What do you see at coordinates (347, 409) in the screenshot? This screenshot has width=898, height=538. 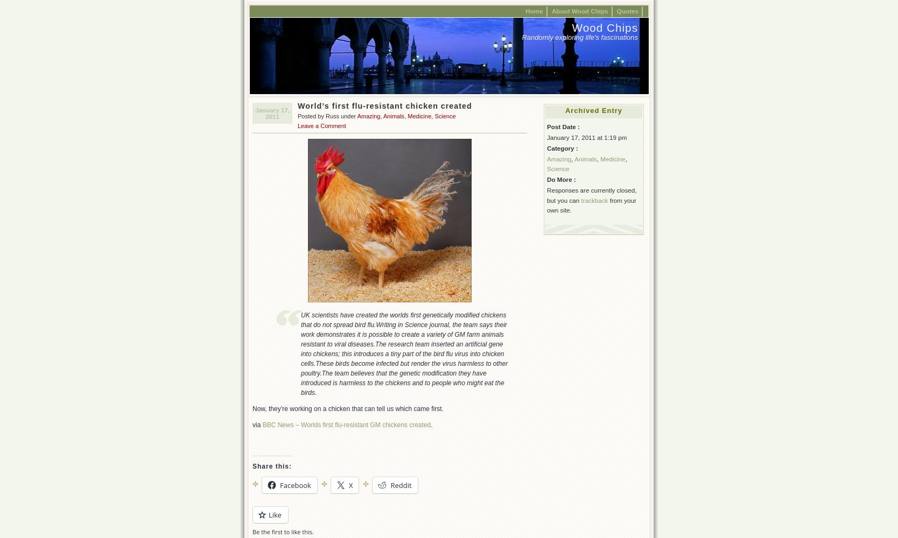 I see `'Now, they’re working on a chicken that can tell us which came first.'` at bounding box center [347, 409].